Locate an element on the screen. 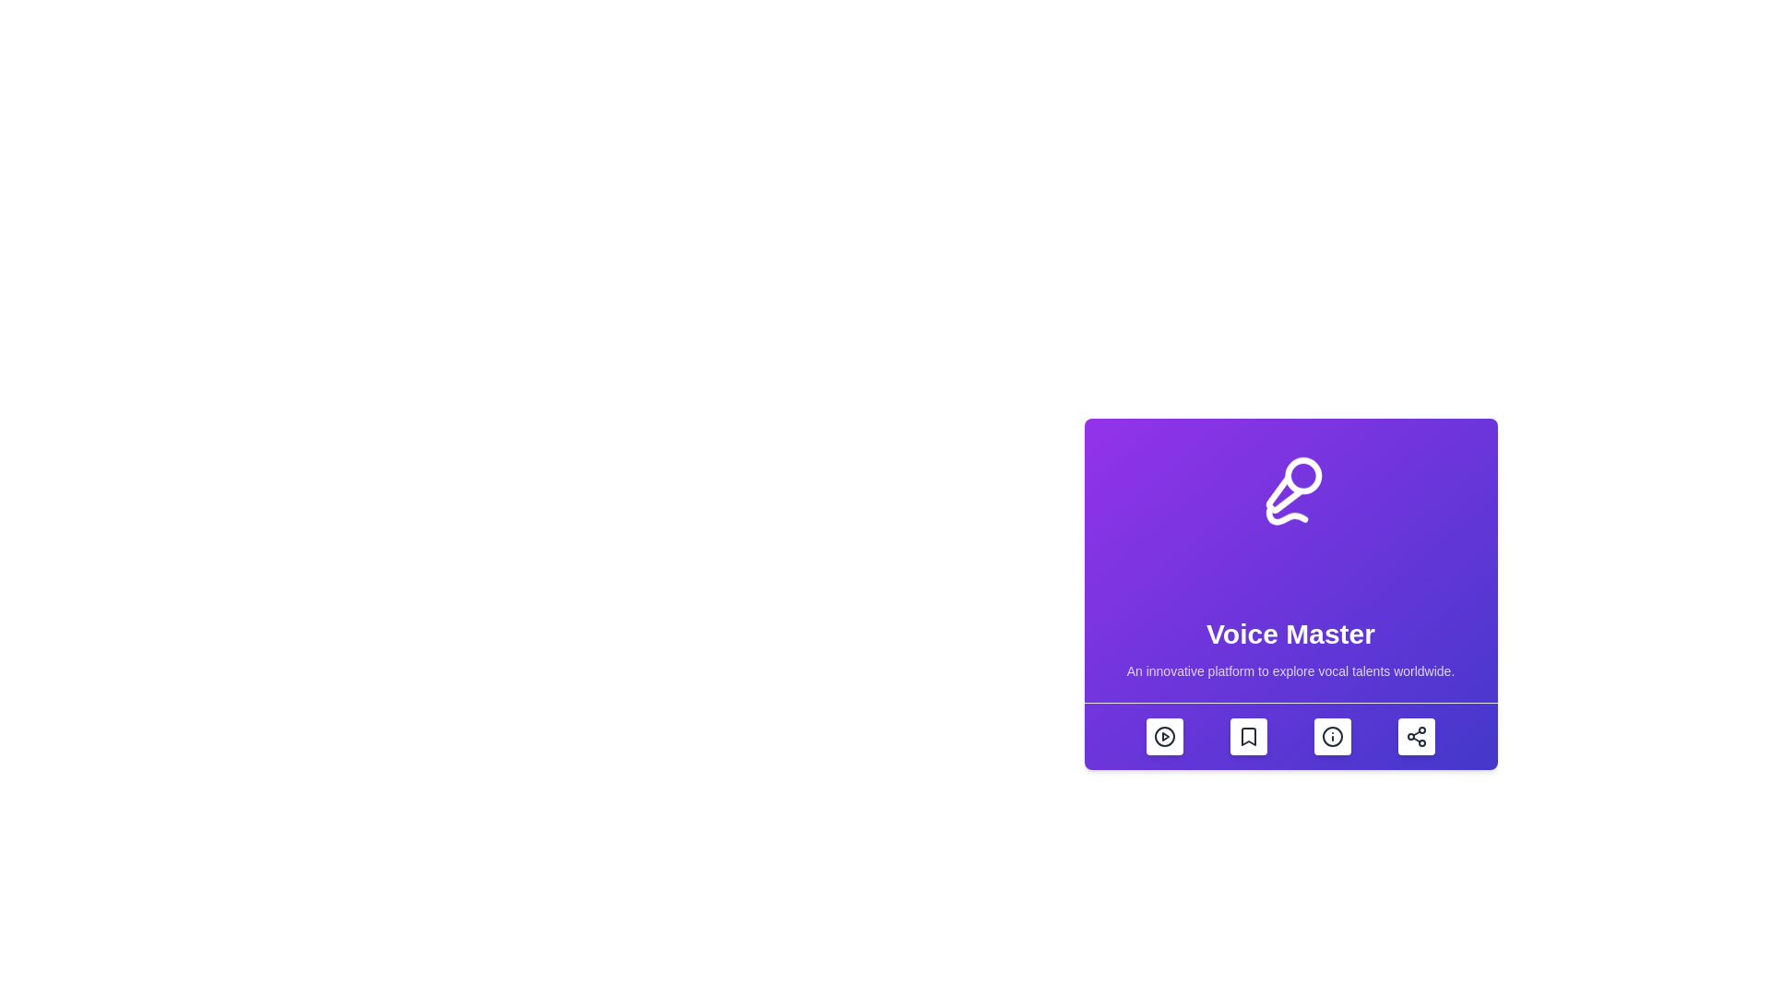 The image size is (1771, 996). the Toolbar or action bar located at the bottom of the 'Voice Master' card is located at coordinates (1290, 735).